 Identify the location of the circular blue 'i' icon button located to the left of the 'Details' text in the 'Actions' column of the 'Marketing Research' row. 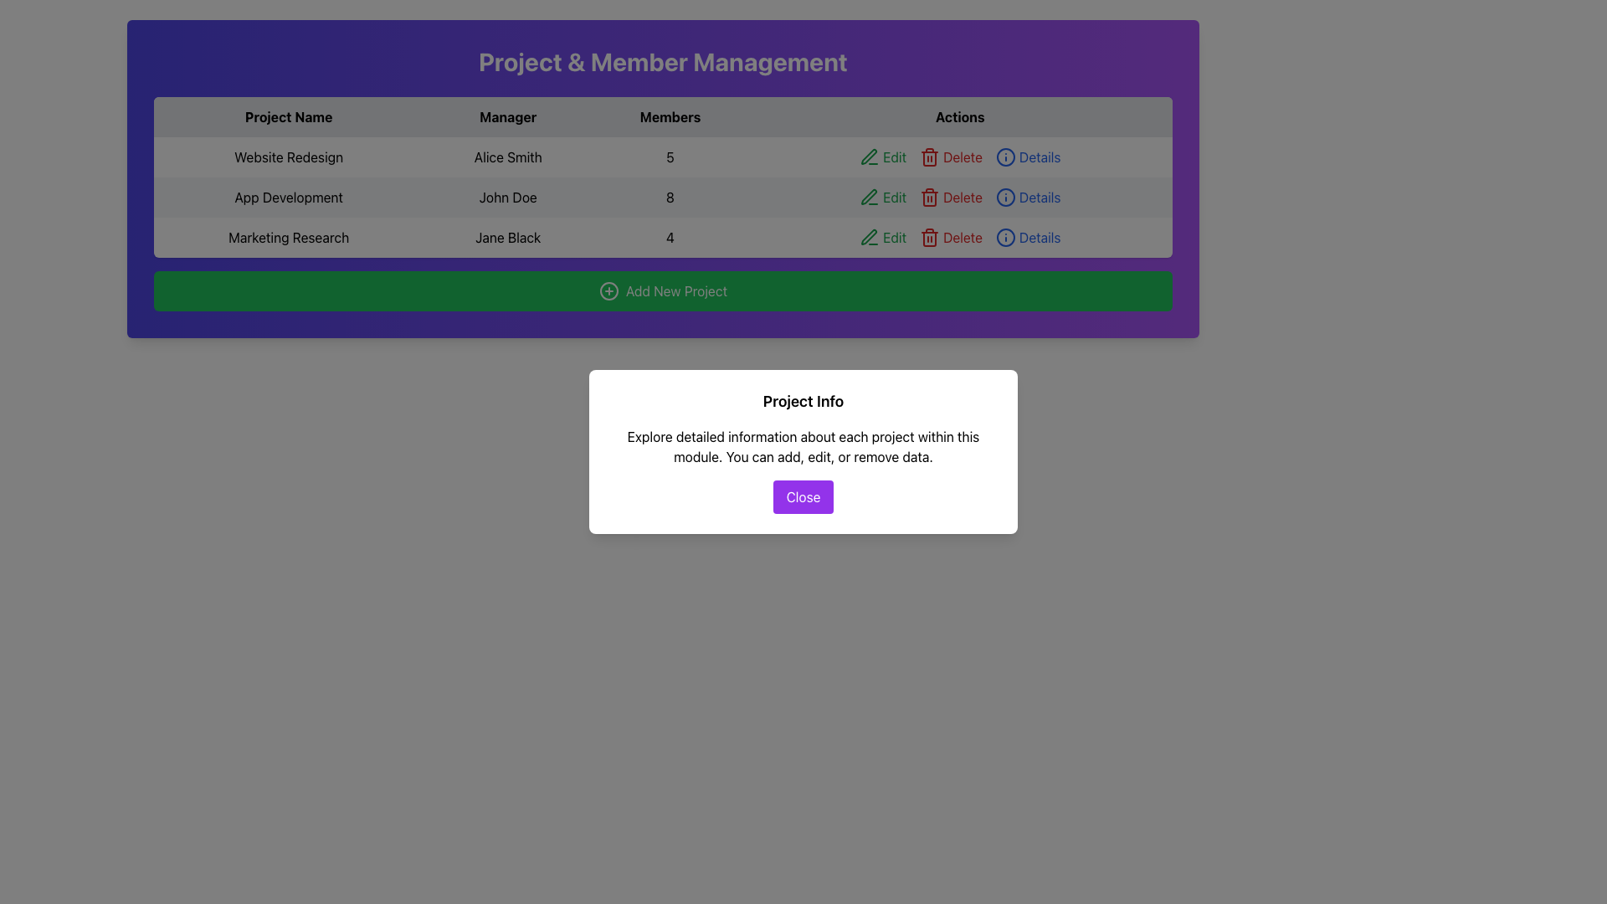
(1004, 238).